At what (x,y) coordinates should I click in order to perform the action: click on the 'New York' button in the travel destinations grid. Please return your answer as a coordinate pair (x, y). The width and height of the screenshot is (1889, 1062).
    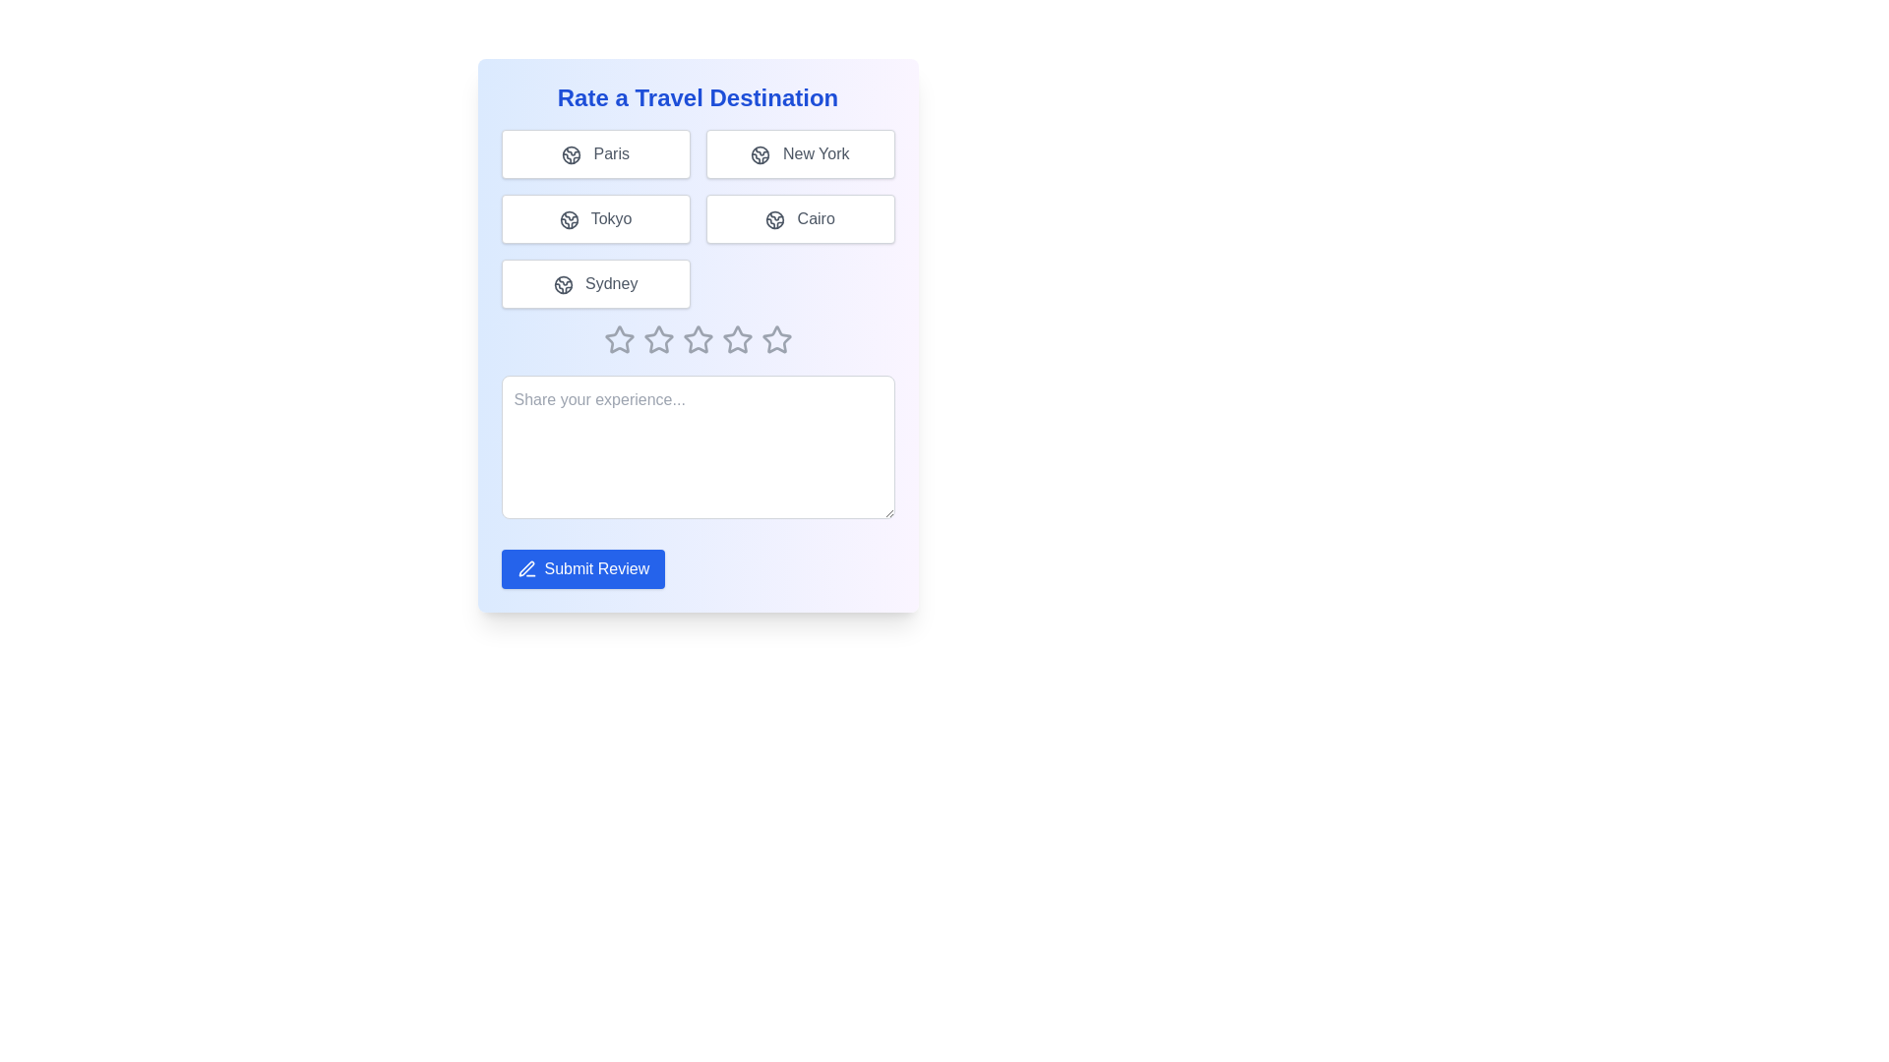
    Looking at the image, I should click on (800, 153).